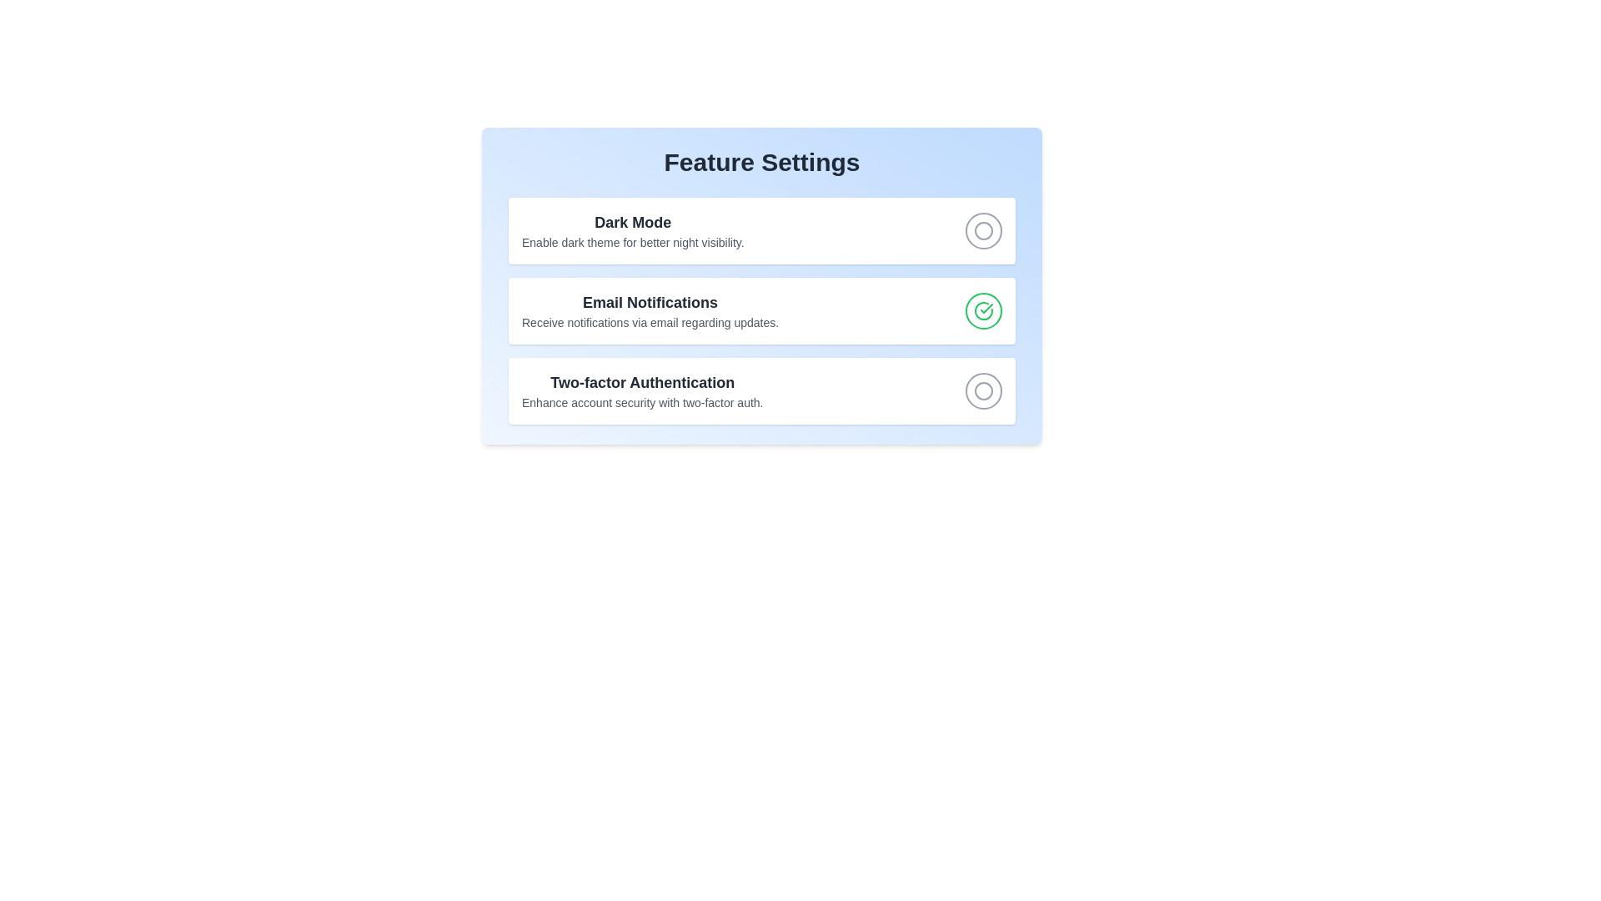  I want to click on the circular graphical SVG element that serves as a status or toggle indicator for a feature setting, located near the top-right of the 'Dark Mode' list item, so click(984, 391).